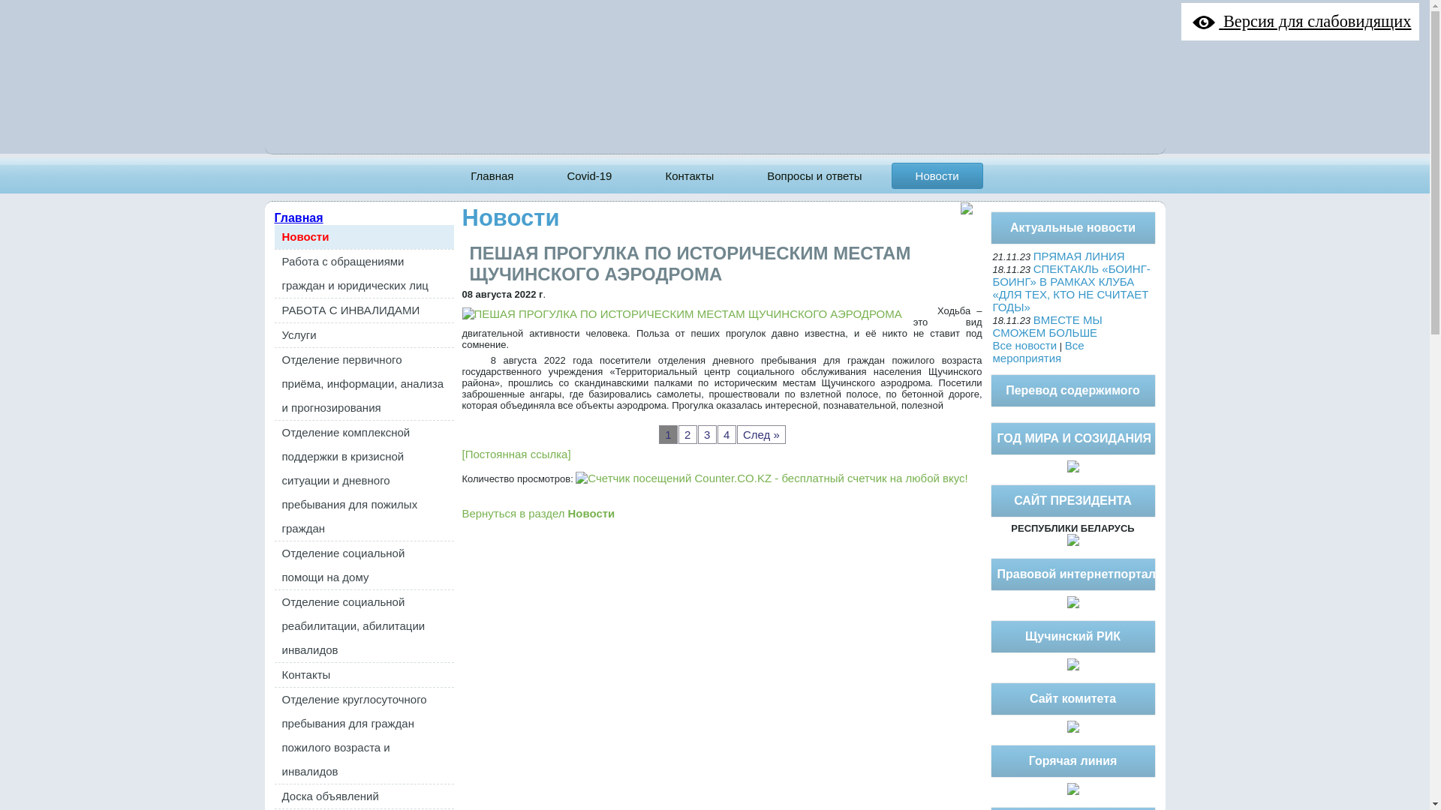 The image size is (1441, 810). What do you see at coordinates (706, 434) in the screenshot?
I see `'3'` at bounding box center [706, 434].